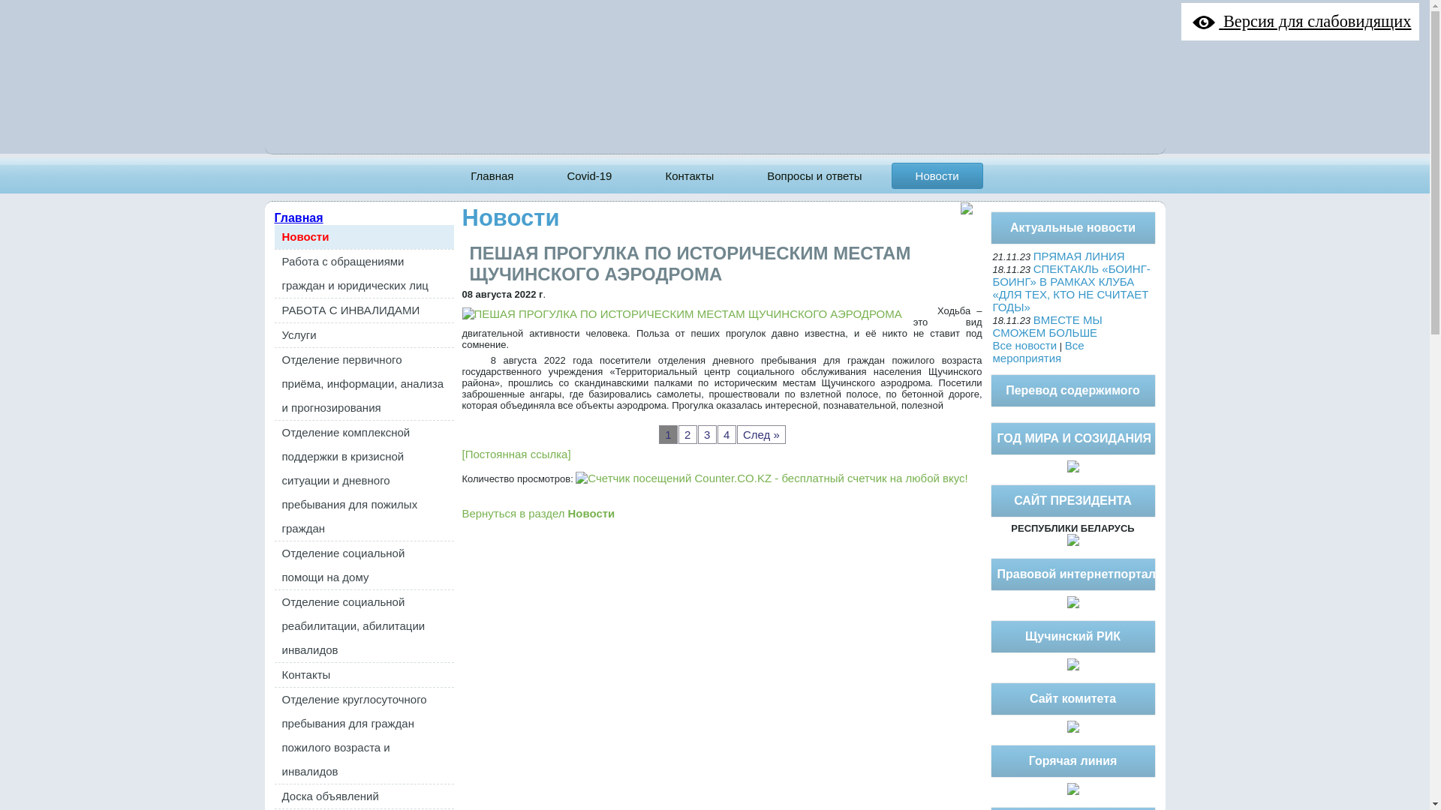 The image size is (1441, 810). What do you see at coordinates (706, 434) in the screenshot?
I see `'3'` at bounding box center [706, 434].